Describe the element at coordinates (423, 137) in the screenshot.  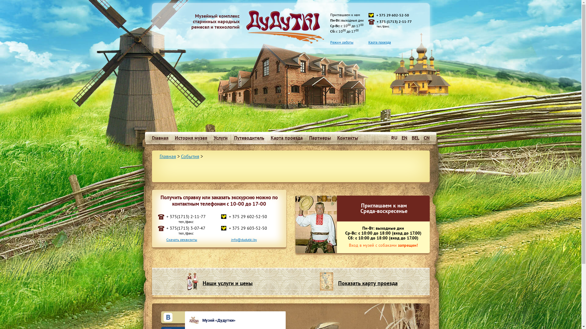
I see `'CN'` at that location.